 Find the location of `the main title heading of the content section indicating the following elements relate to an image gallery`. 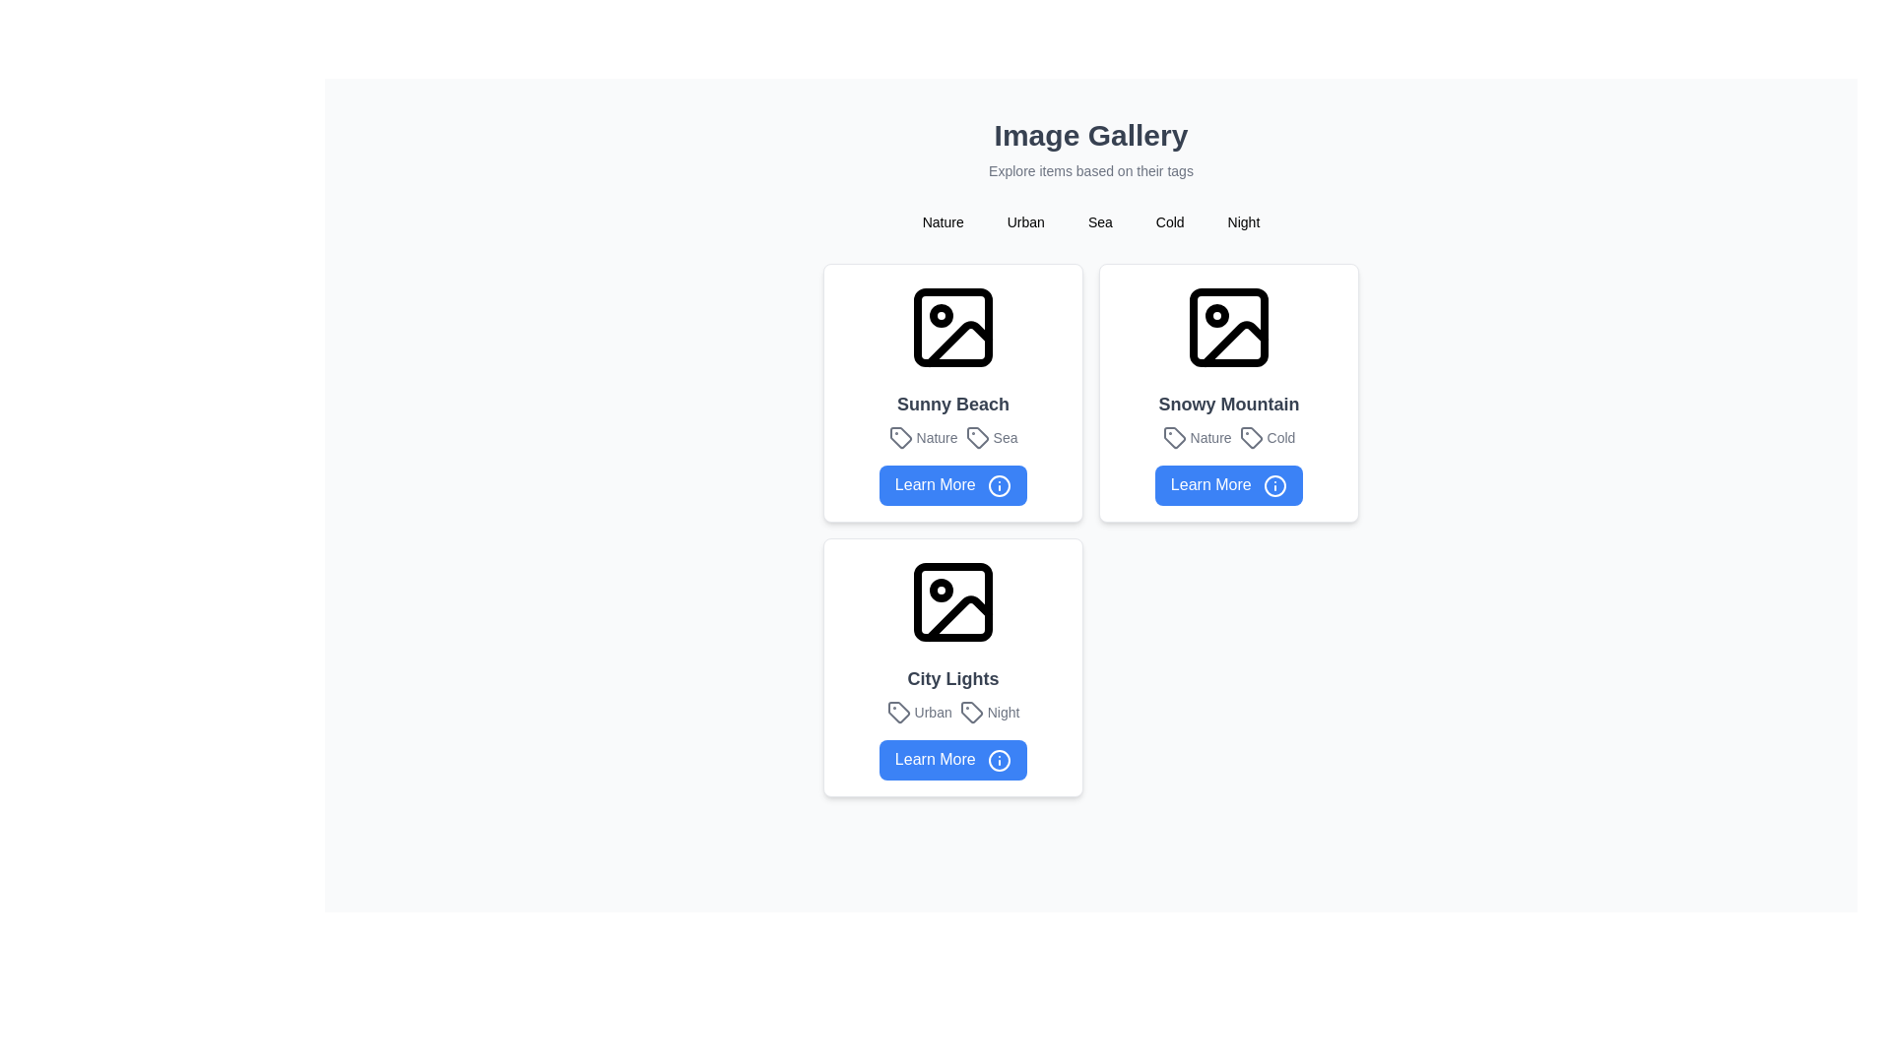

the main title heading of the content section indicating the following elements relate to an image gallery is located at coordinates (1090, 135).